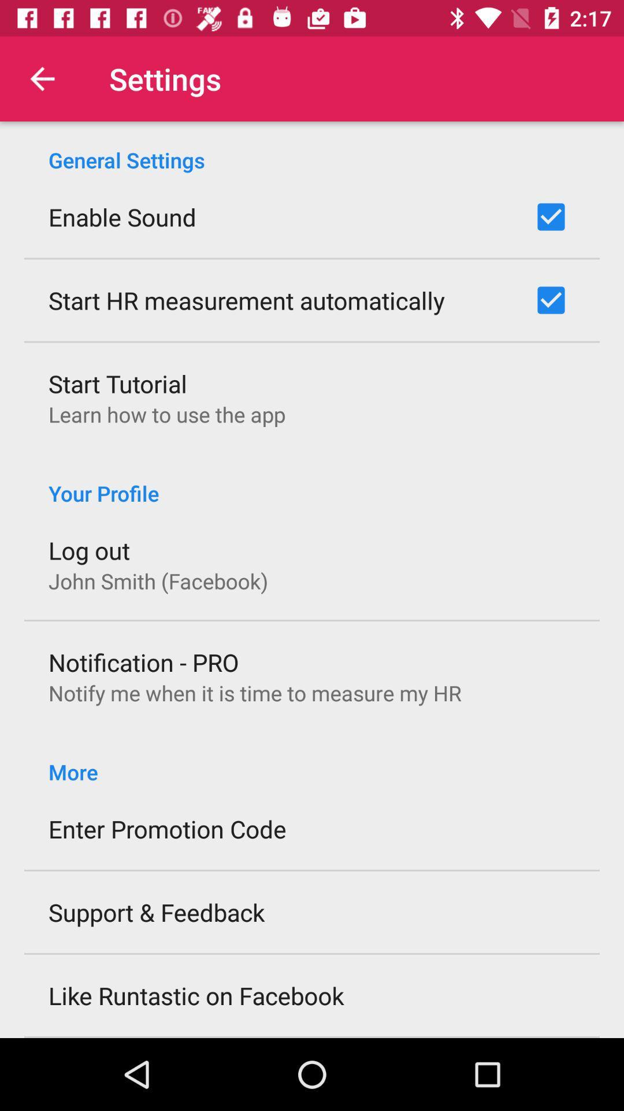 This screenshot has width=624, height=1111. What do you see at coordinates (42, 78) in the screenshot?
I see `item to the left of the settings` at bounding box center [42, 78].